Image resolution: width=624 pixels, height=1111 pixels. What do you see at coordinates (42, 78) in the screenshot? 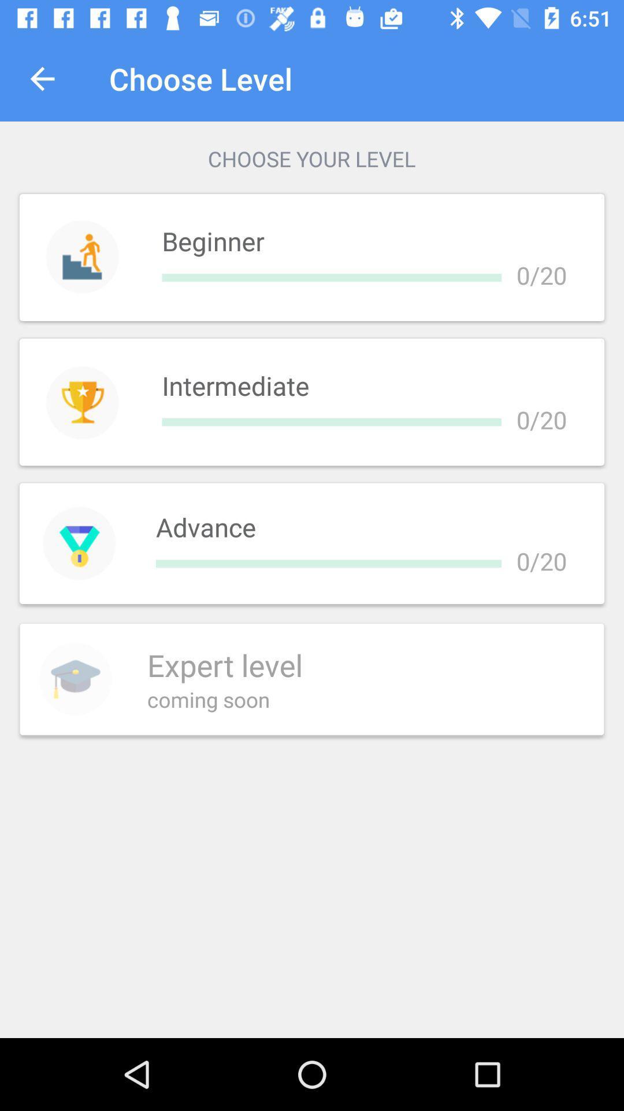
I see `icon next to choose level item` at bounding box center [42, 78].